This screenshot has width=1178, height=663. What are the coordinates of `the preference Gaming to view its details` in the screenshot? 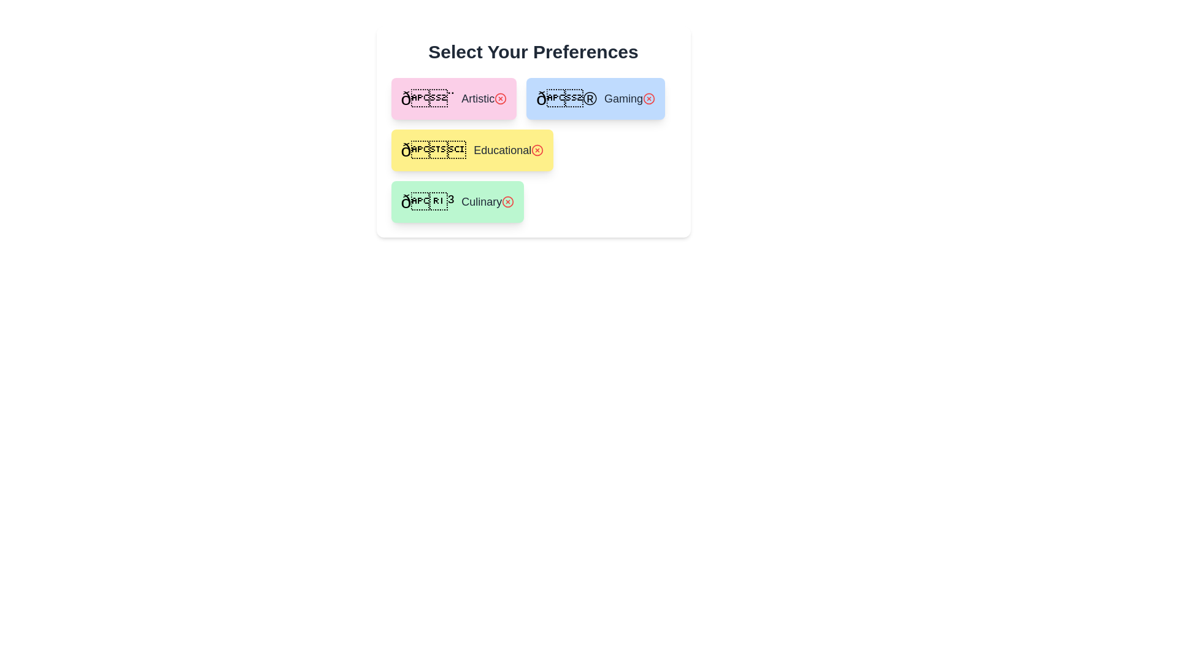 It's located at (596, 98).